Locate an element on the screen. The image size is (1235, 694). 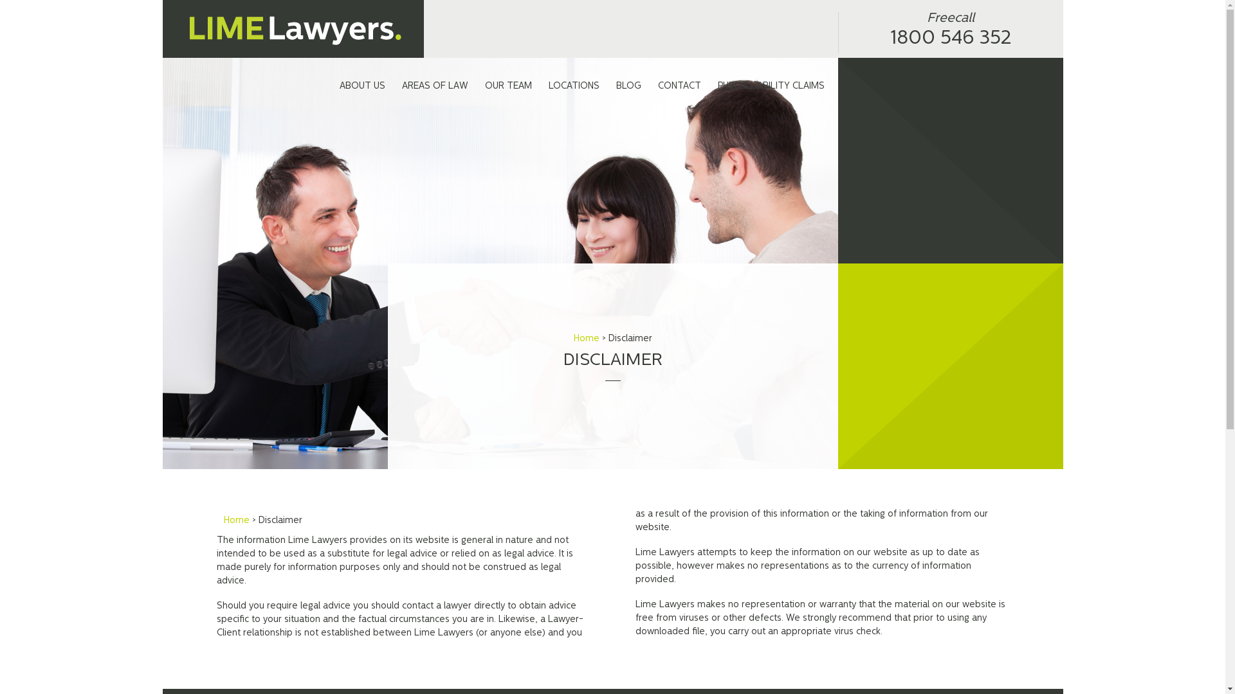
'PUBLIC LIABILITY CLAIMS' is located at coordinates (771, 87).